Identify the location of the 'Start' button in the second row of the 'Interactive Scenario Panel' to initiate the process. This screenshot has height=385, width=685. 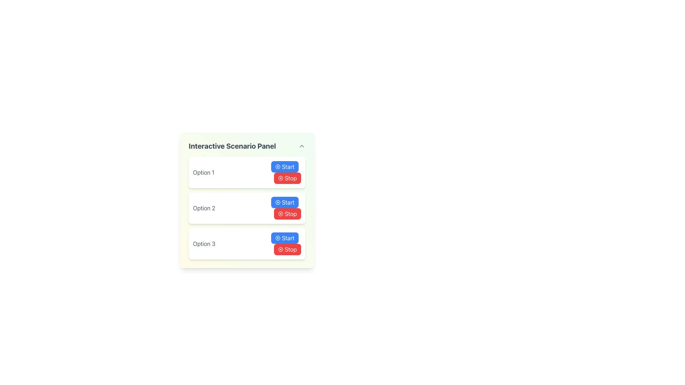
(284, 202).